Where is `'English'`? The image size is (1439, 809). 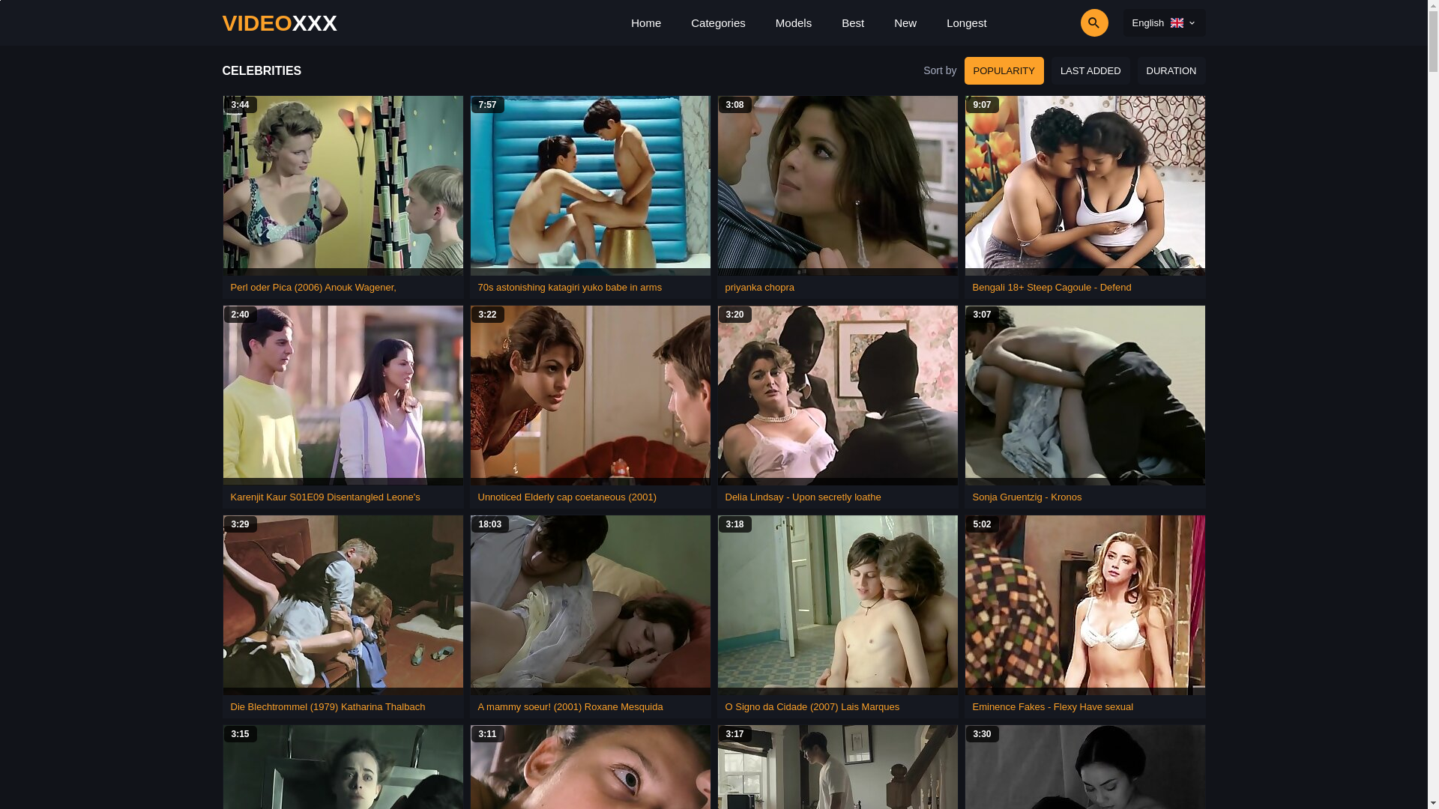
'English' is located at coordinates (1123, 22).